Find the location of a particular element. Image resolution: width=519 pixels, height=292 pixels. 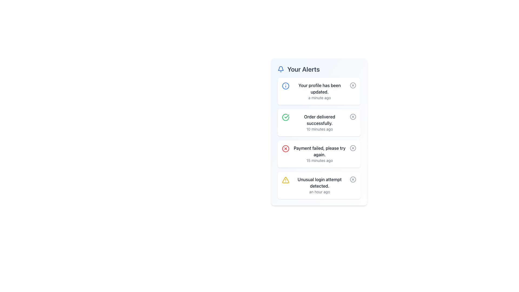

the error indicator icon located to the left of the text 'Payment failed, please try again.' in the third notification card of the notification panel is located at coordinates (285, 149).